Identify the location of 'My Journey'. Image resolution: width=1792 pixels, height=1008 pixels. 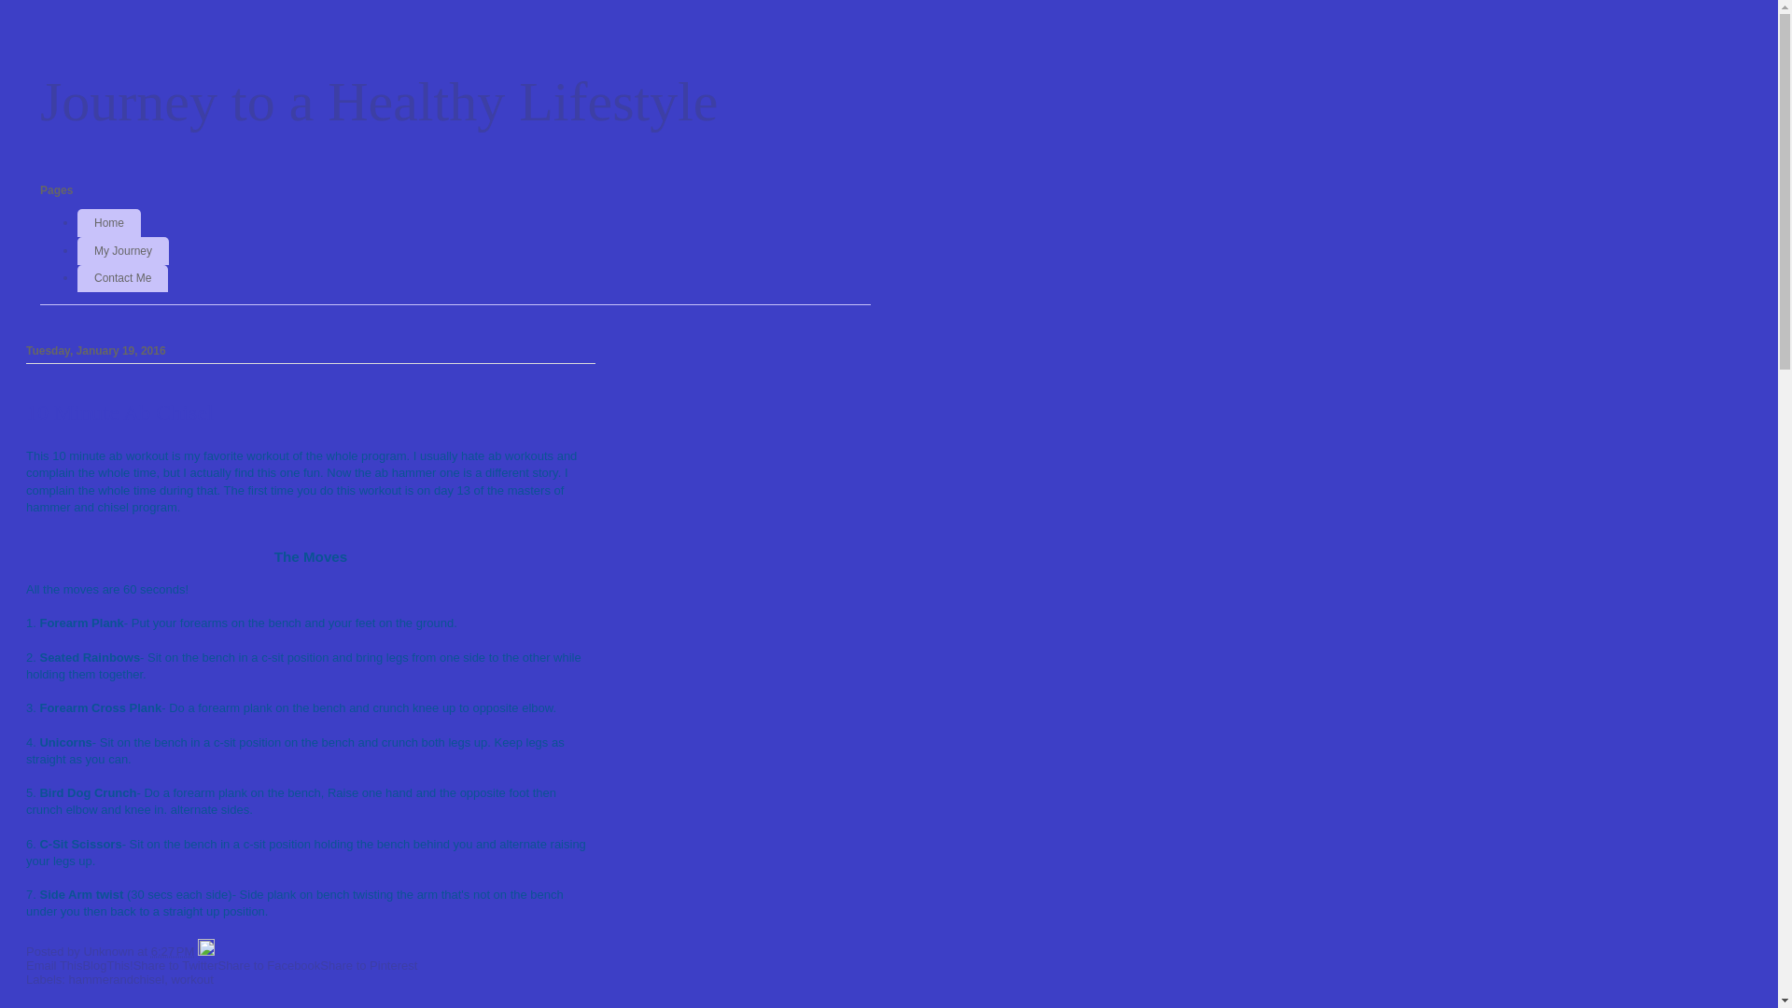
(122, 250).